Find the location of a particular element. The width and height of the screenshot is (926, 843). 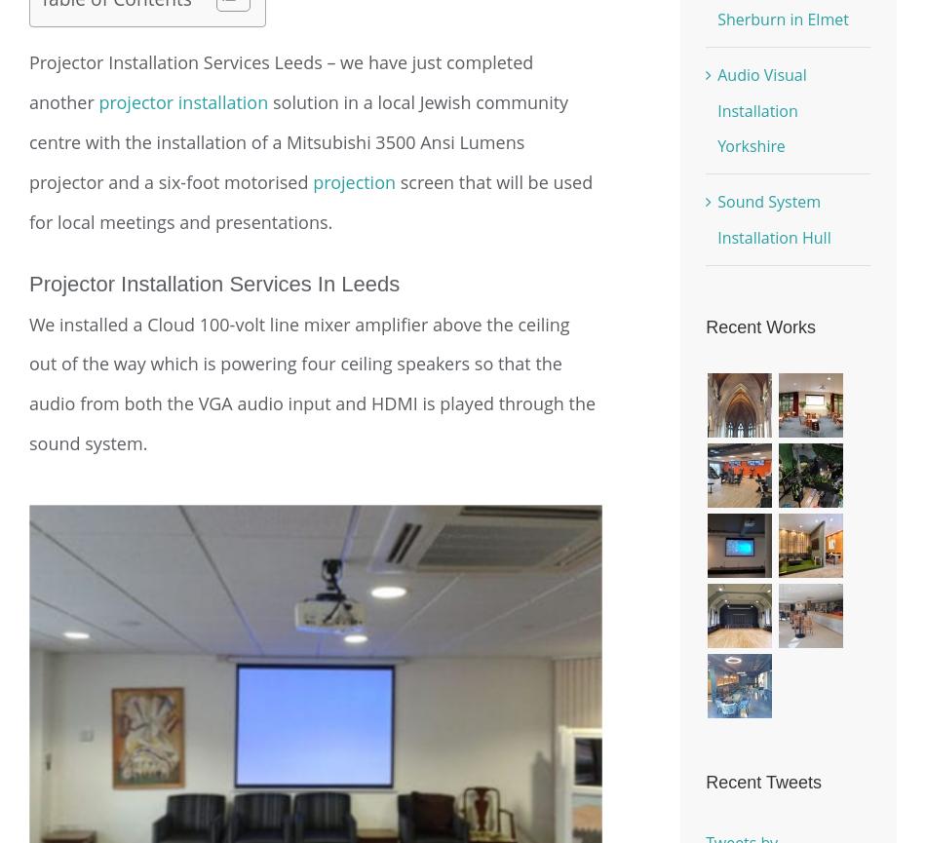

'Sound System Installation Hull' is located at coordinates (773, 217).